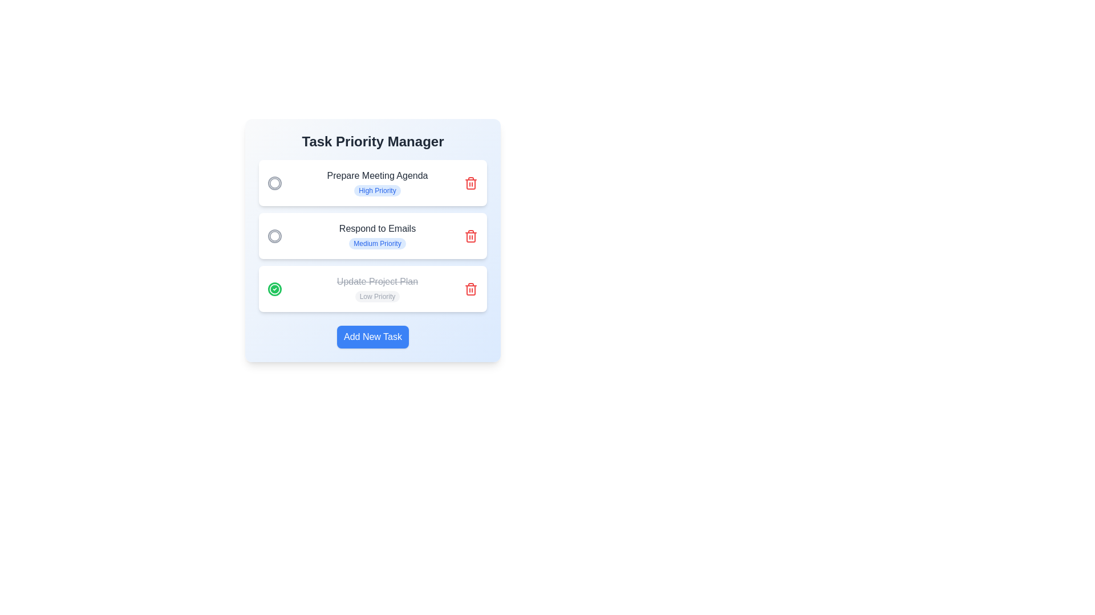 The width and height of the screenshot is (1095, 615). Describe the element at coordinates (378, 243) in the screenshot. I see `the non-interactive Priority label that indicates the priority level of the task 'Respond to Emails', located beneath the task title` at that location.